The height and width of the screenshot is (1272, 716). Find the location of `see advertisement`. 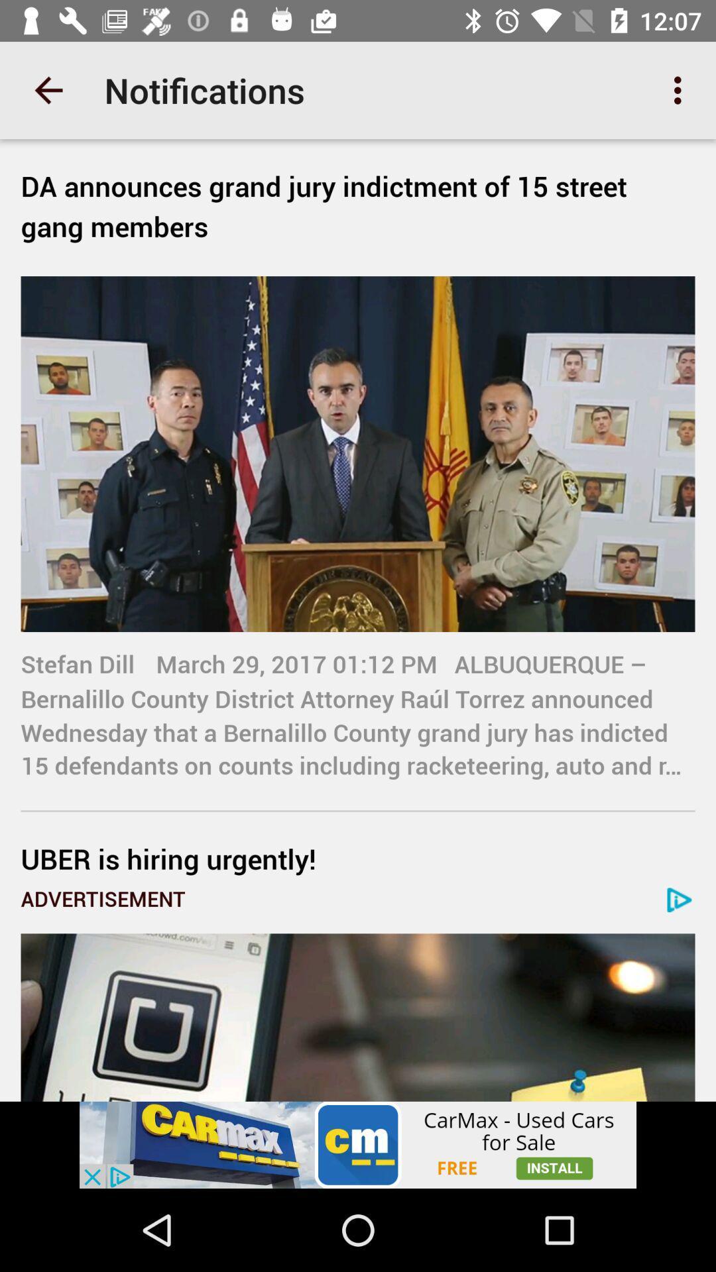

see advertisement is located at coordinates (358, 1144).